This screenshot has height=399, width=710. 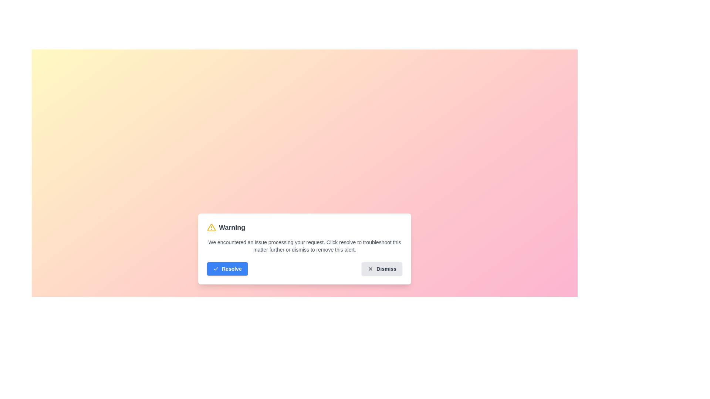 I want to click on the dismiss icon within the 'Dismiss' button located in the bottom-right corner of the dialog box, so click(x=371, y=269).